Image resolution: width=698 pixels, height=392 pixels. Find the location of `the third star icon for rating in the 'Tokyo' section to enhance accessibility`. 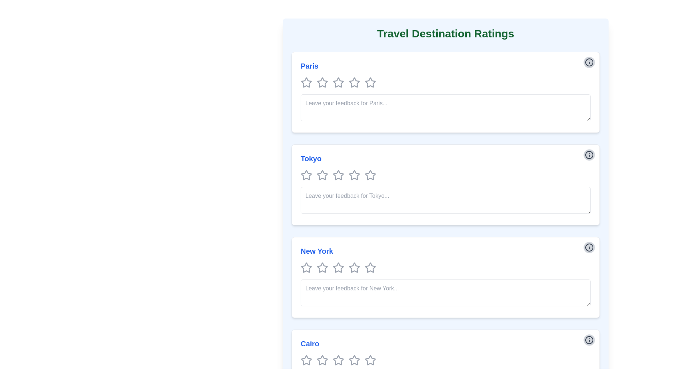

the third star icon for rating in the 'Tokyo' section to enhance accessibility is located at coordinates (354, 175).